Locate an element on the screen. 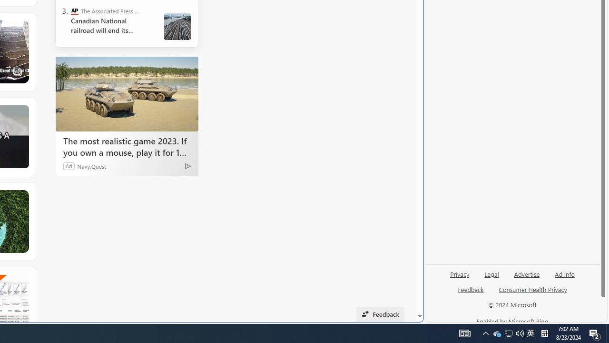 The width and height of the screenshot is (609, 343). ' Canada Railroads Unions' is located at coordinates (177, 26).